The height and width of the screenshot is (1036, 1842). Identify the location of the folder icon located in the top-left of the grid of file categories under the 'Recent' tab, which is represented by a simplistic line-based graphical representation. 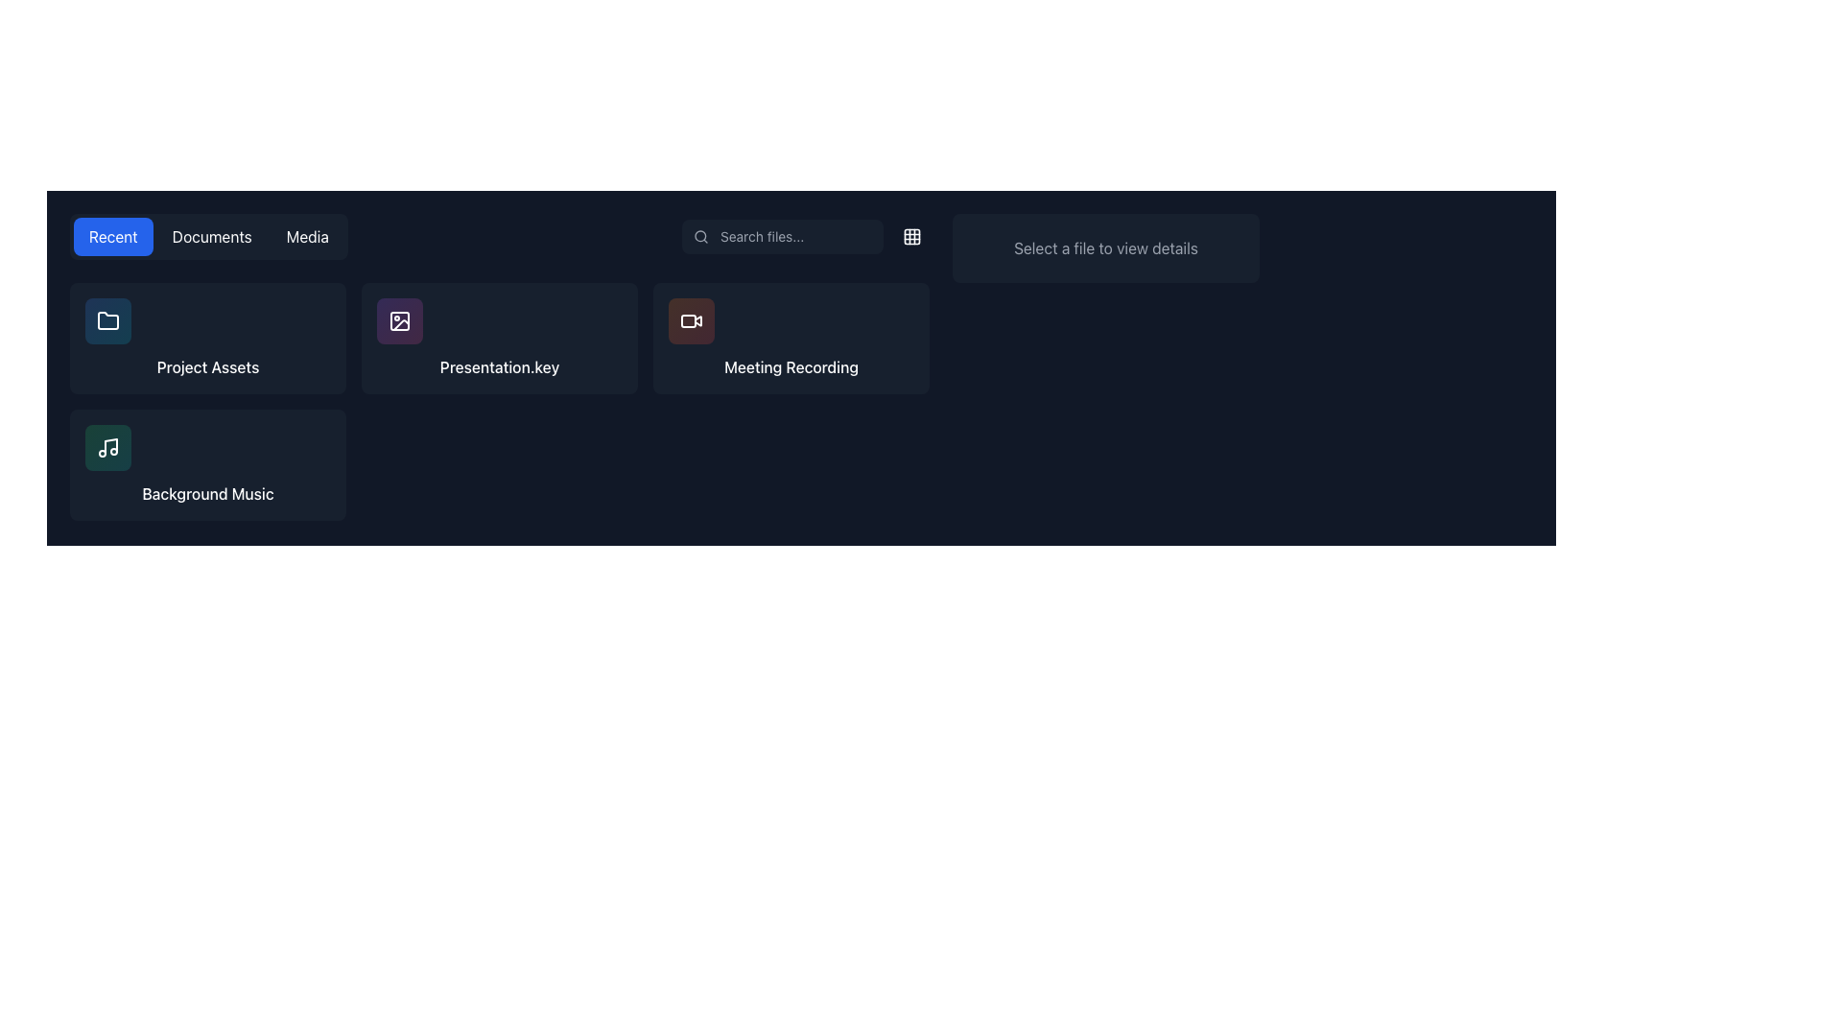
(107, 319).